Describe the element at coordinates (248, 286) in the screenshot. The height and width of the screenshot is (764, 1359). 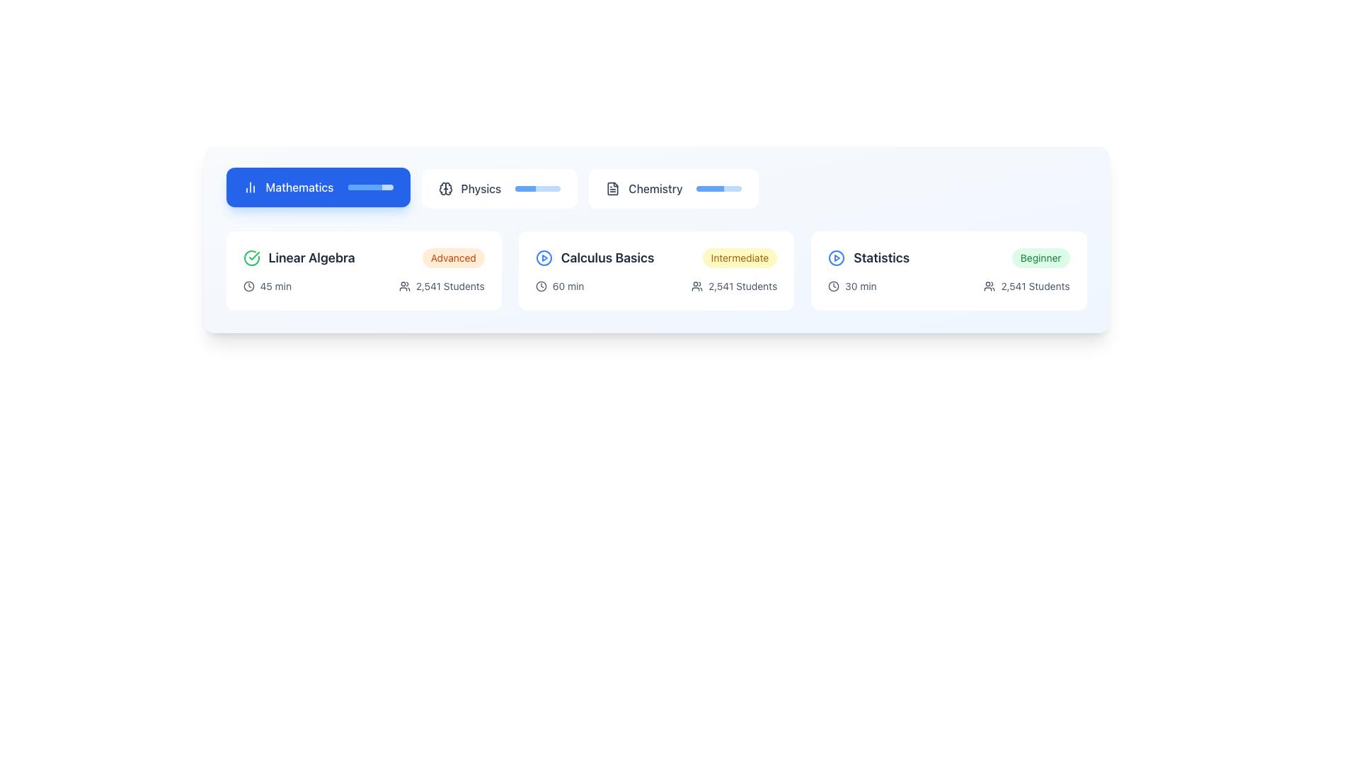
I see `the time icon that visually represents the duration of the associated course, located to the left of the text '45 min' under the 'Linear Algebra' course title` at that location.